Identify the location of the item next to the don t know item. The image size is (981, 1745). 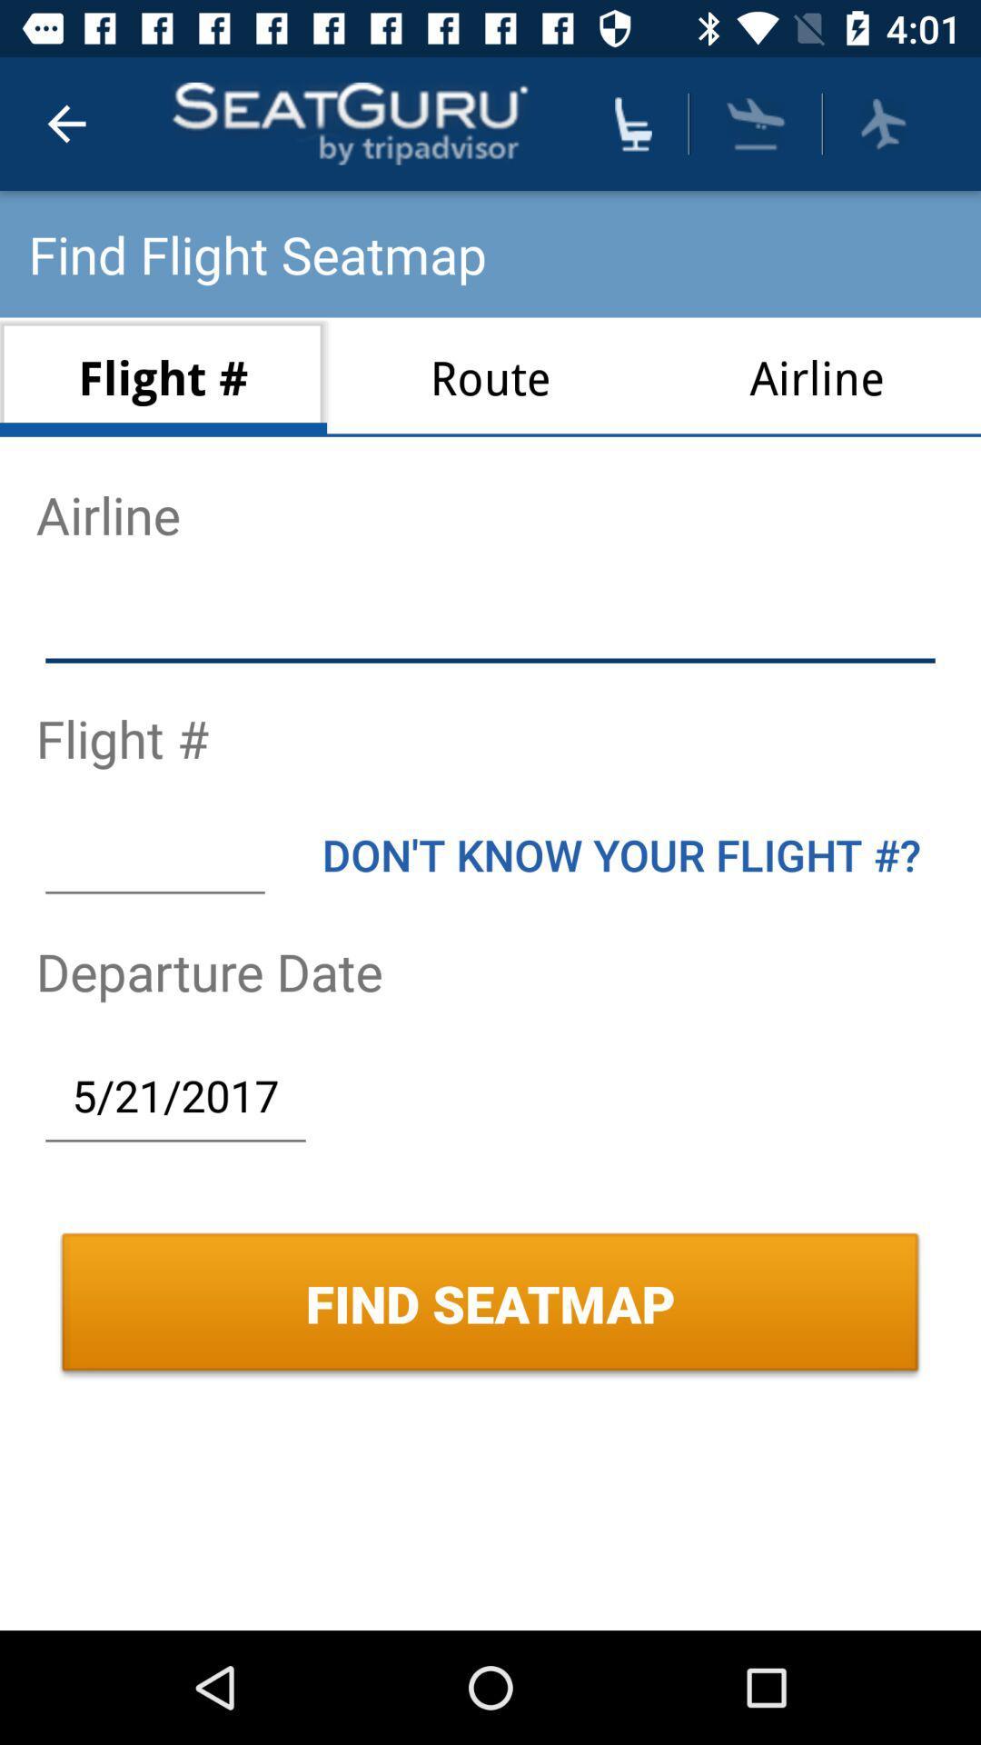
(154, 853).